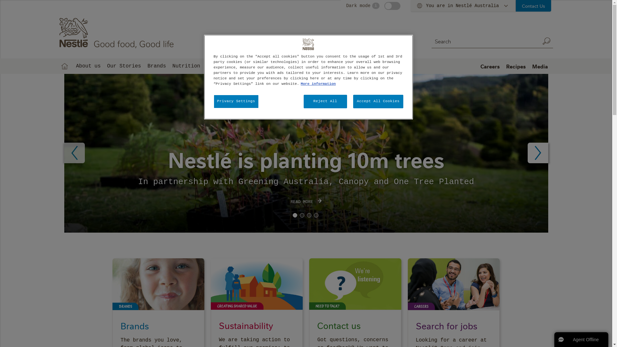 The width and height of the screenshot is (617, 347). What do you see at coordinates (0, 0) in the screenshot?
I see `'Skip to main content'` at bounding box center [0, 0].